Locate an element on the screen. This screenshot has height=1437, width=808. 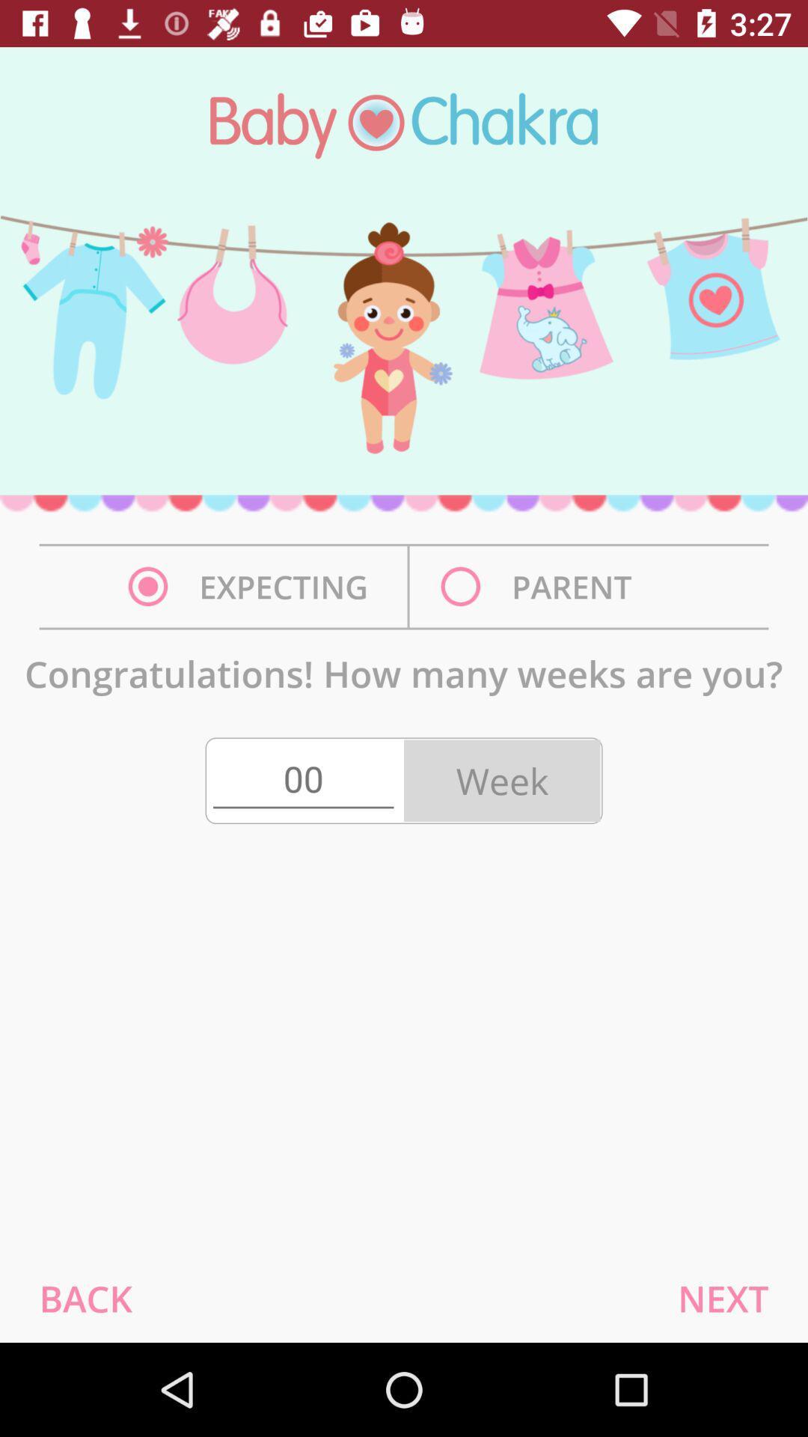
next at the bottom right corner is located at coordinates (722, 1298).